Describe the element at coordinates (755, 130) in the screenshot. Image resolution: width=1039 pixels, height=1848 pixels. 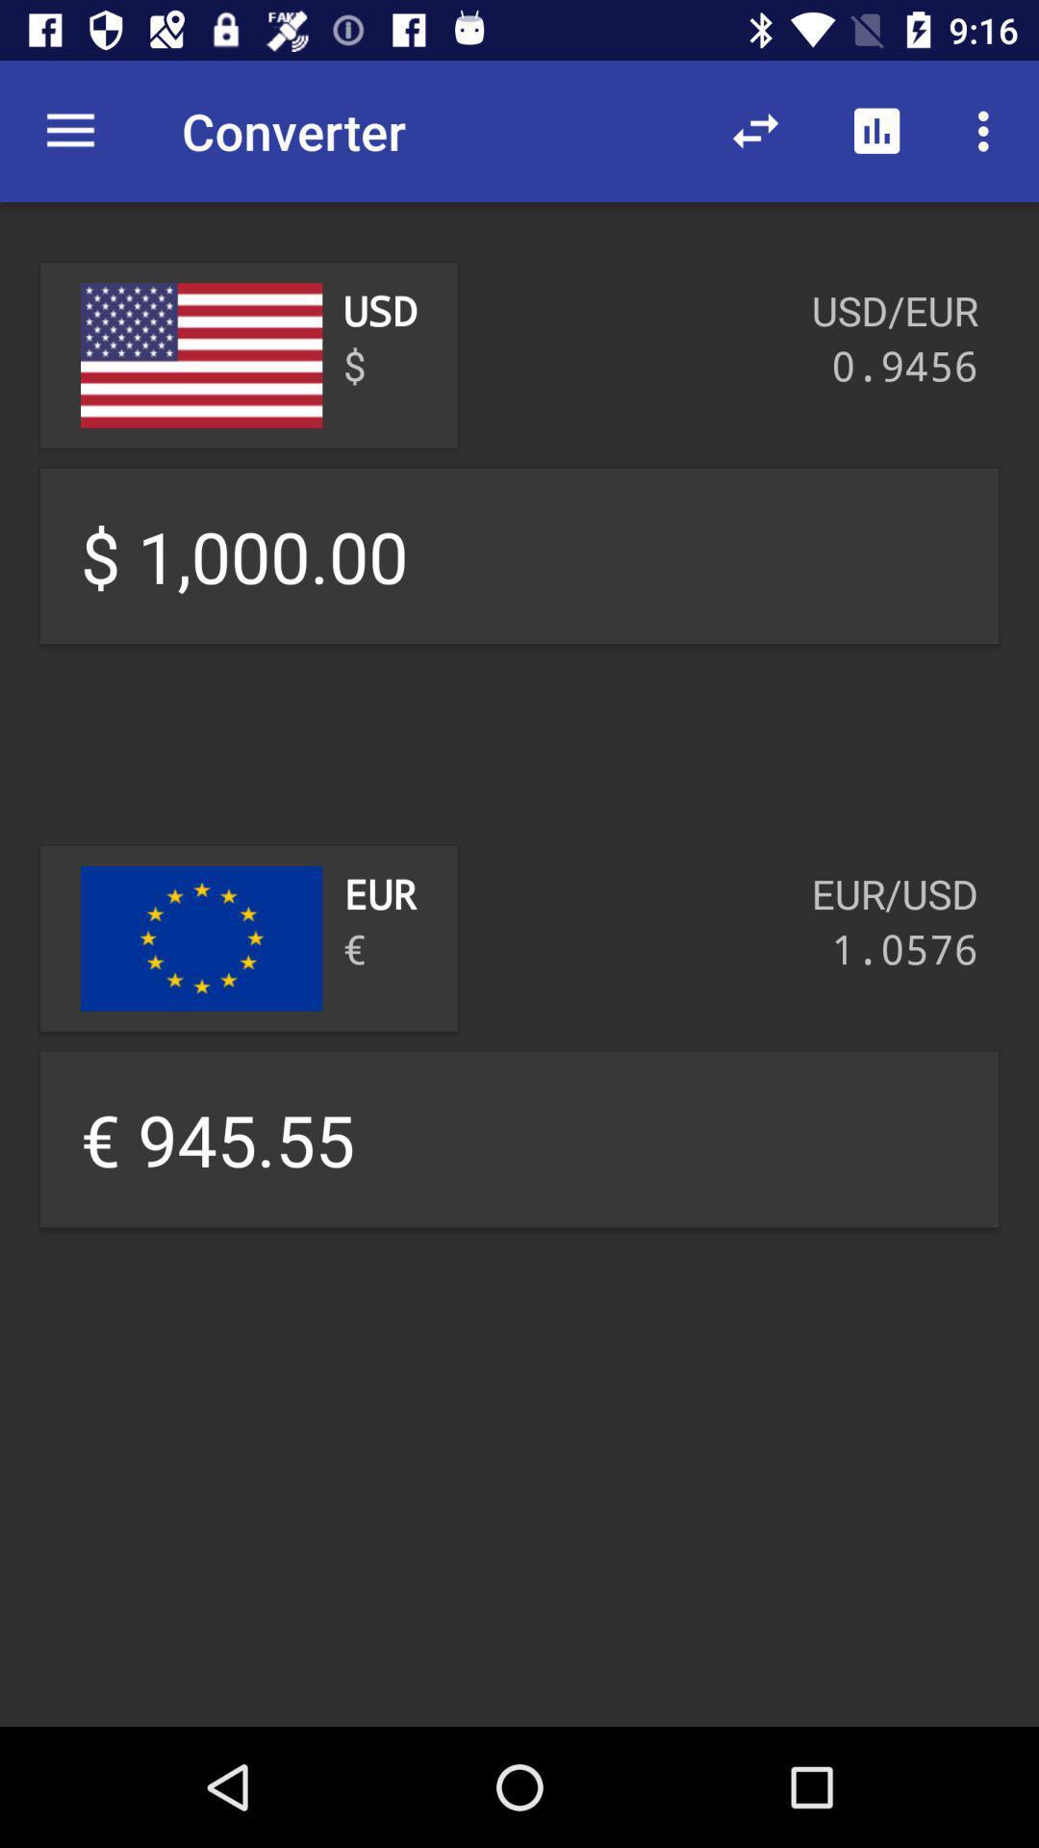
I see `the icon to the right of the converter icon` at that location.